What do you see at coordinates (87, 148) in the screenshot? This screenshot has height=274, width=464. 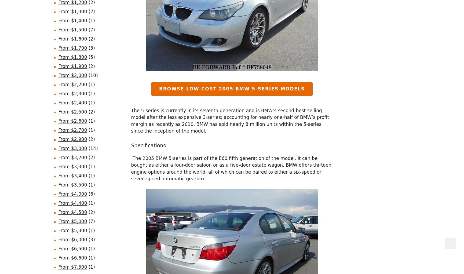 I see `'(14)'` at bounding box center [87, 148].